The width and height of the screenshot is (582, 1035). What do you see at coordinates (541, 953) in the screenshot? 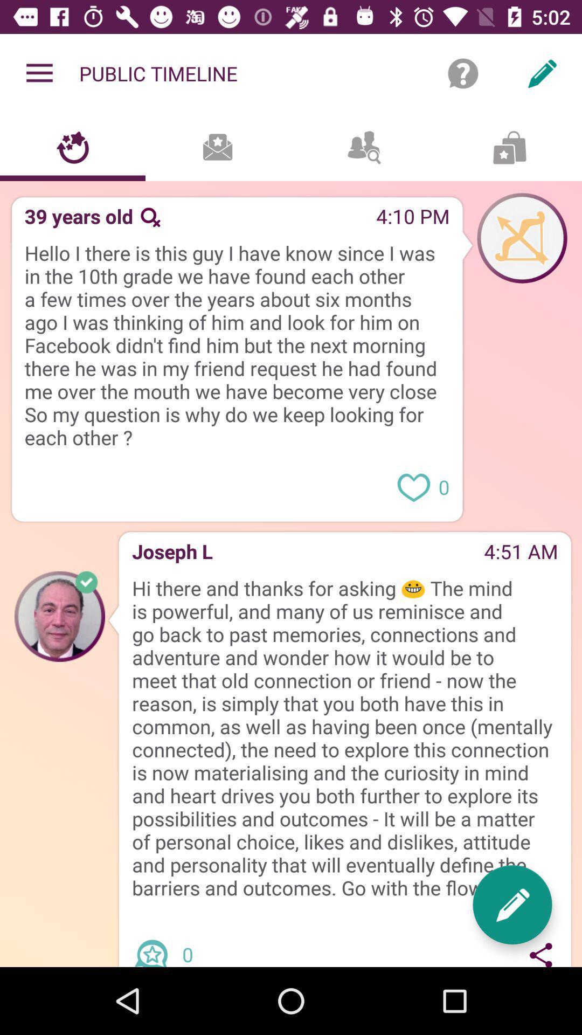
I see `icon below hi there and` at bounding box center [541, 953].